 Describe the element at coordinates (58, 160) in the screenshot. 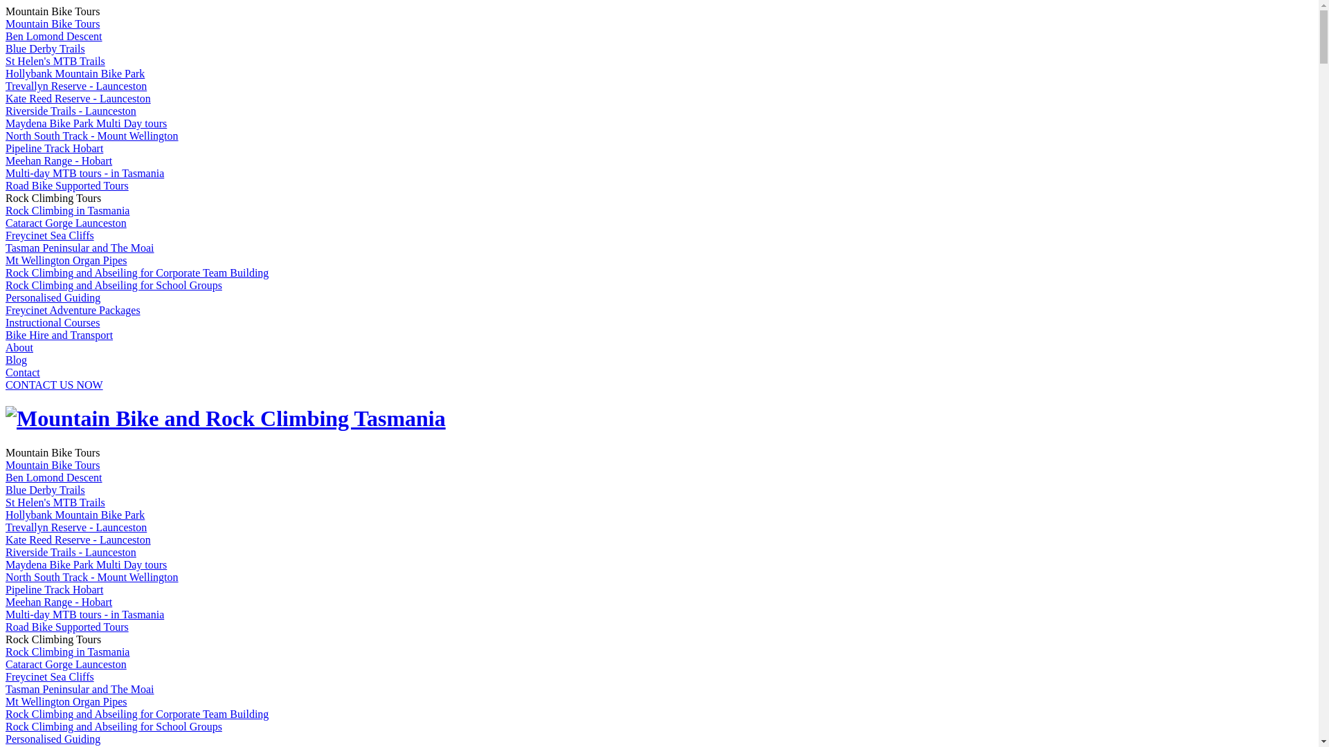

I see `'Meehan Range - Hobart'` at that location.